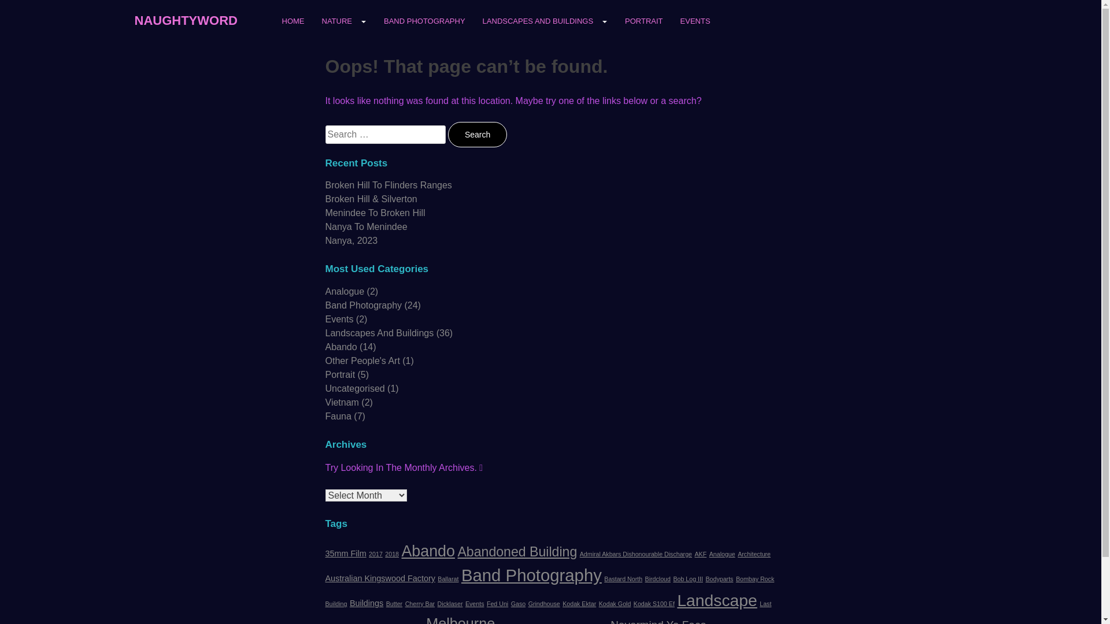 This screenshot has height=624, width=1110. What do you see at coordinates (427, 550) in the screenshot?
I see `'Abando'` at bounding box center [427, 550].